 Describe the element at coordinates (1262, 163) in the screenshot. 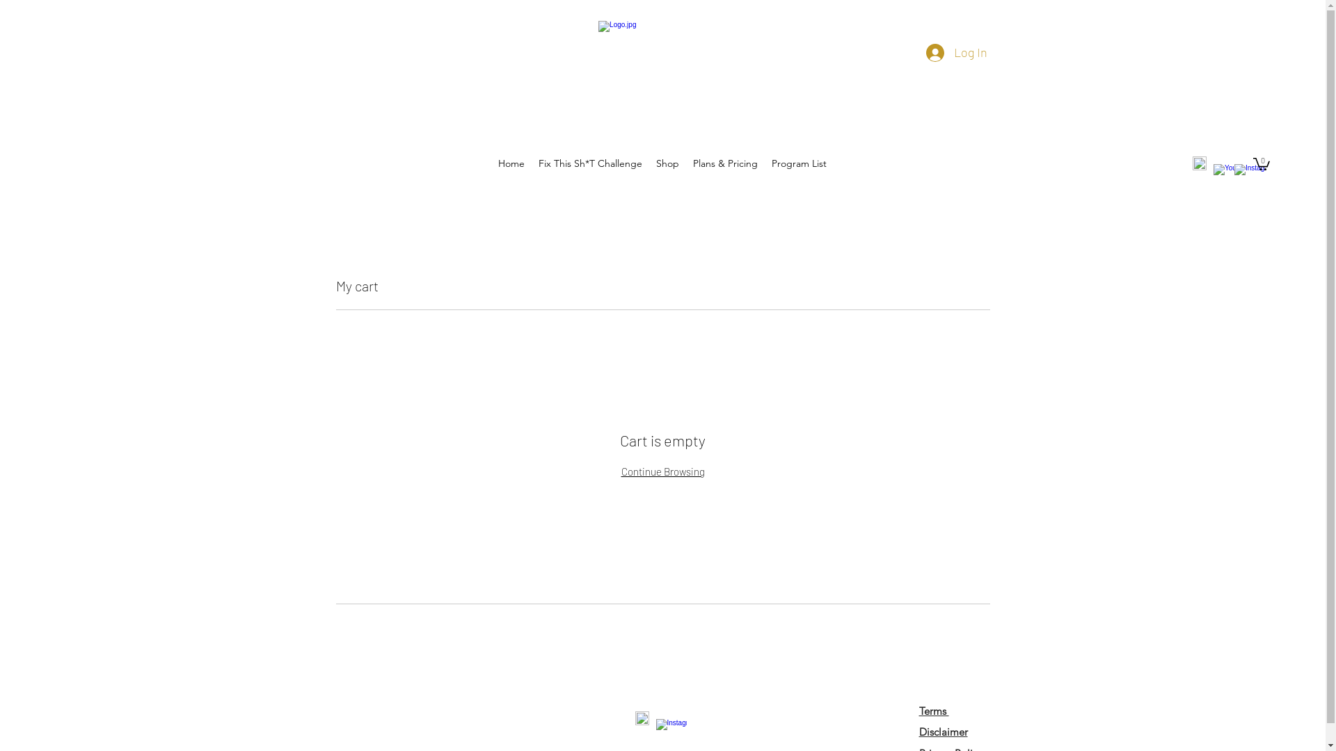

I see `'0'` at that location.